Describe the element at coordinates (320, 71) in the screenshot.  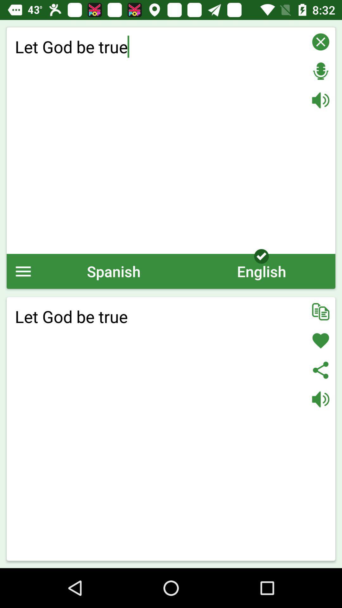
I see `start dictation` at that location.